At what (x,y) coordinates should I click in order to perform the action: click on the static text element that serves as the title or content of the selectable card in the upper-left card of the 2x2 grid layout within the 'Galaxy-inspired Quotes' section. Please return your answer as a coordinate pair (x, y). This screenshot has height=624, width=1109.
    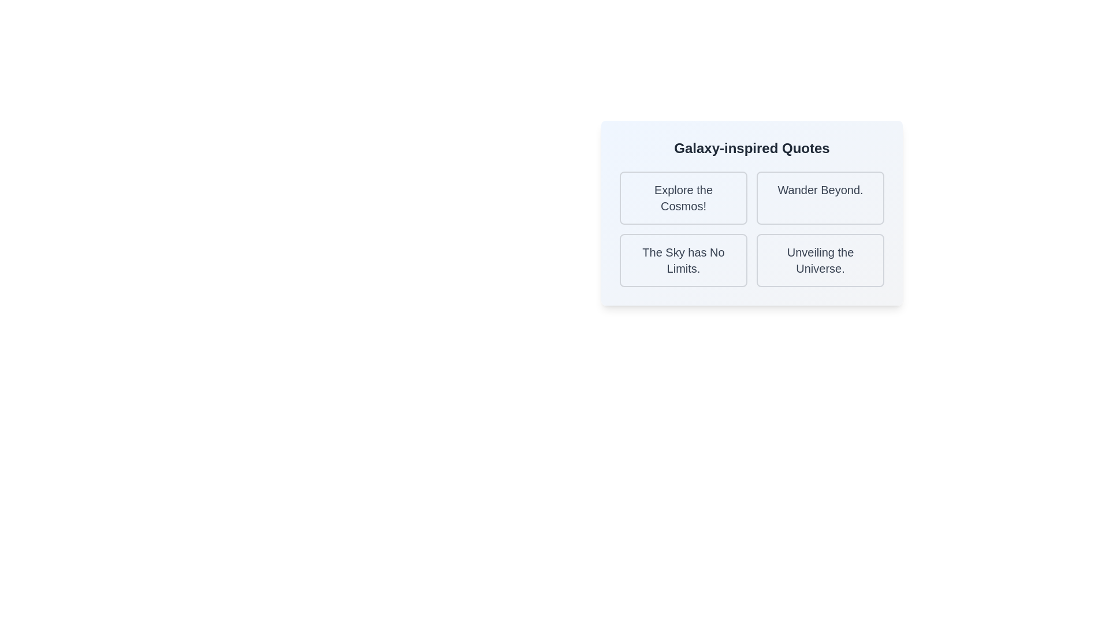
    Looking at the image, I should click on (683, 198).